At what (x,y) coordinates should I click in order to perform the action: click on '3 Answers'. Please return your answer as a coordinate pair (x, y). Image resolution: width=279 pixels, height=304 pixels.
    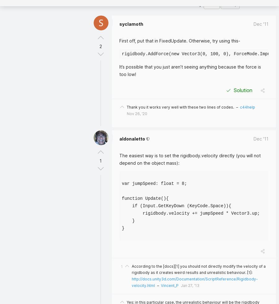
    Looking at the image, I should click on (108, 4).